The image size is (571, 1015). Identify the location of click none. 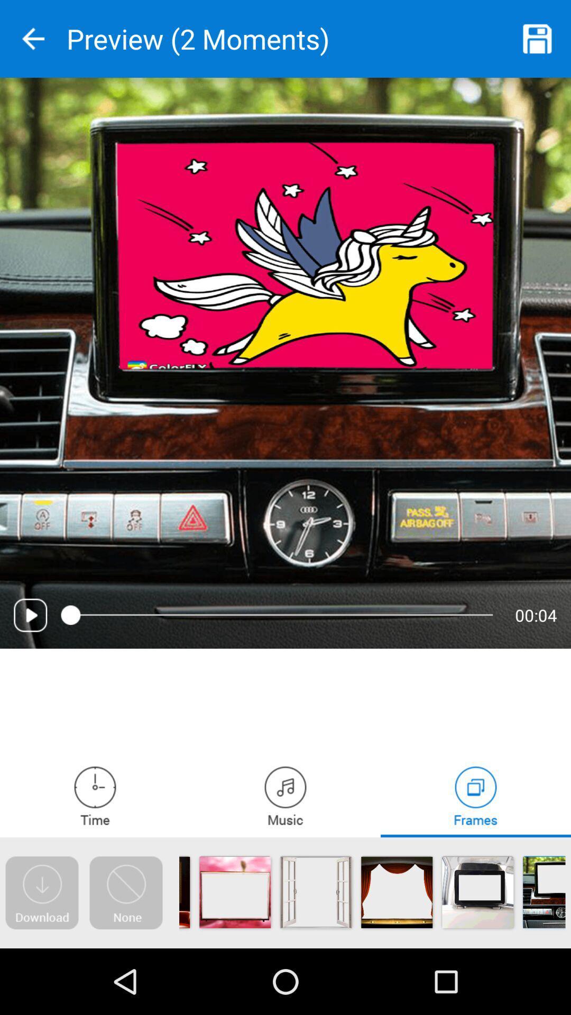
(125, 892).